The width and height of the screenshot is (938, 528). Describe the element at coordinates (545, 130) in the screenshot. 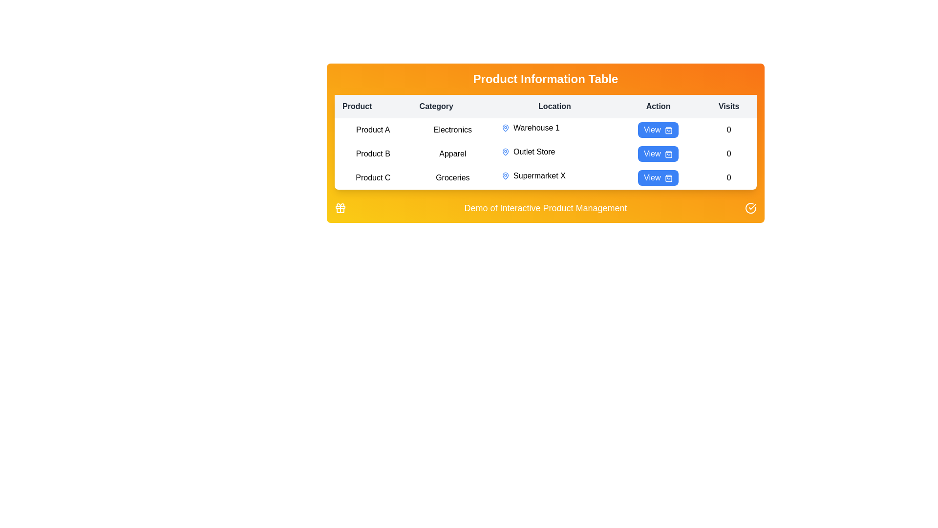

I see `the first row of the product details table that displays the product's name, category, location, action button, and visit count` at that location.